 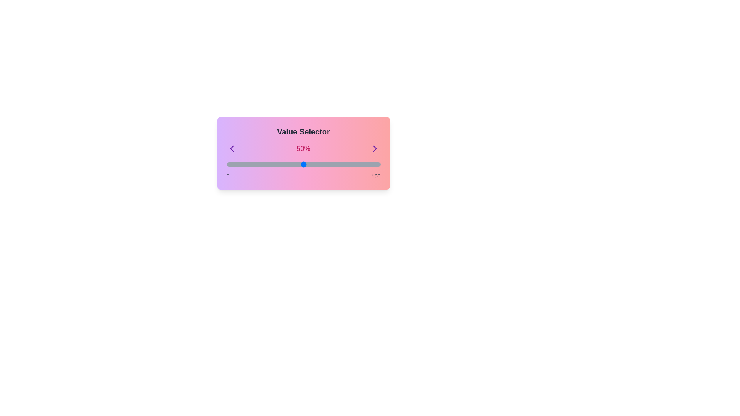 I want to click on the slider to set the value to 64, so click(x=325, y=164).